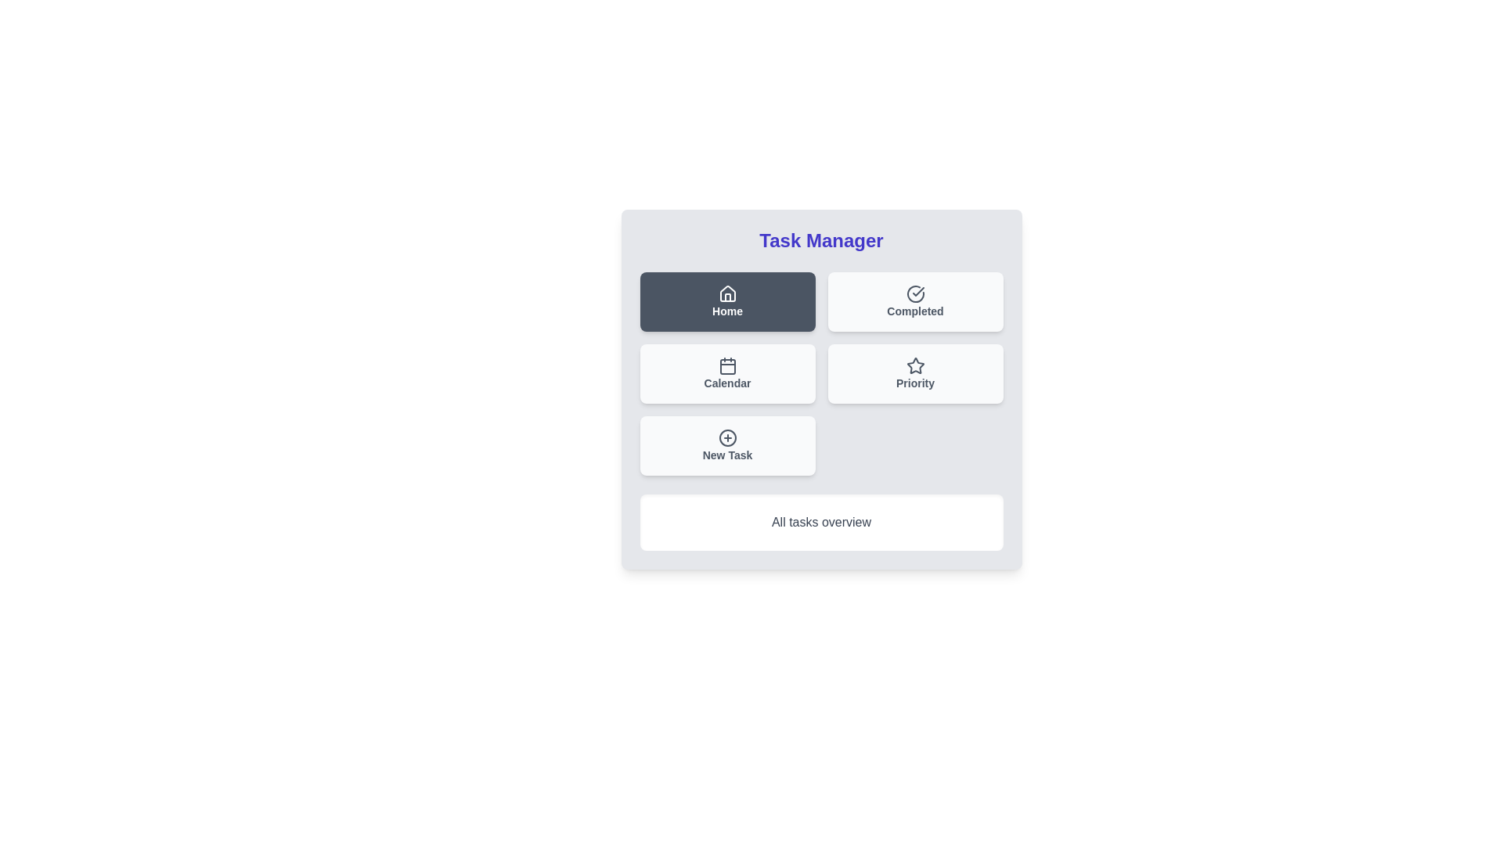 This screenshot has height=845, width=1503. Describe the element at coordinates (726, 446) in the screenshot. I see `the 'New Task' button` at that location.